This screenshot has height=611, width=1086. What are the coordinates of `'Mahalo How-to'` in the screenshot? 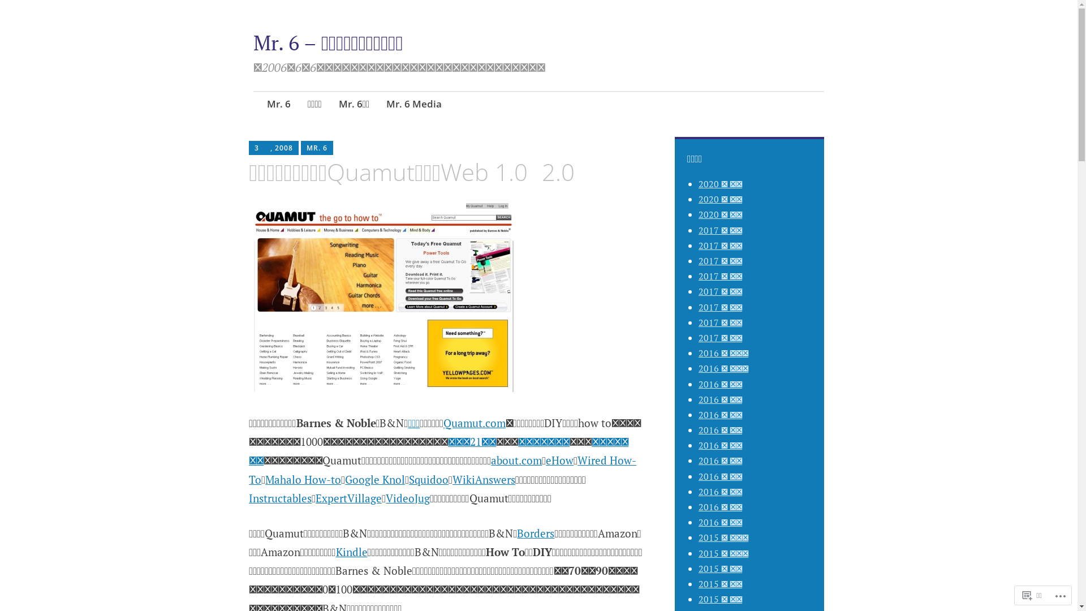 It's located at (265, 479).